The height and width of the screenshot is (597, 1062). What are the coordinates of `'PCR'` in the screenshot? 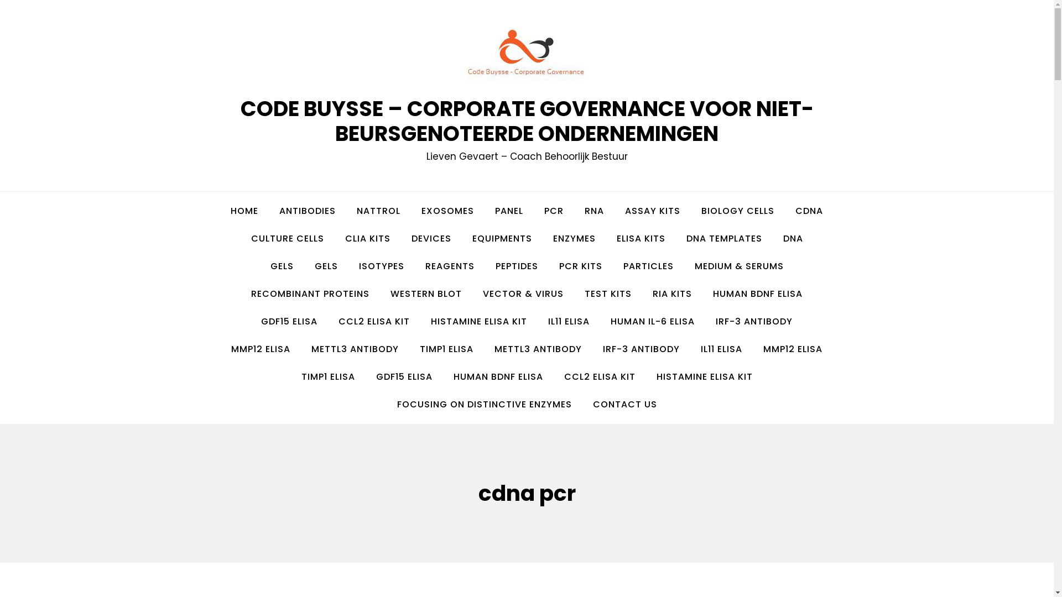 It's located at (554, 211).